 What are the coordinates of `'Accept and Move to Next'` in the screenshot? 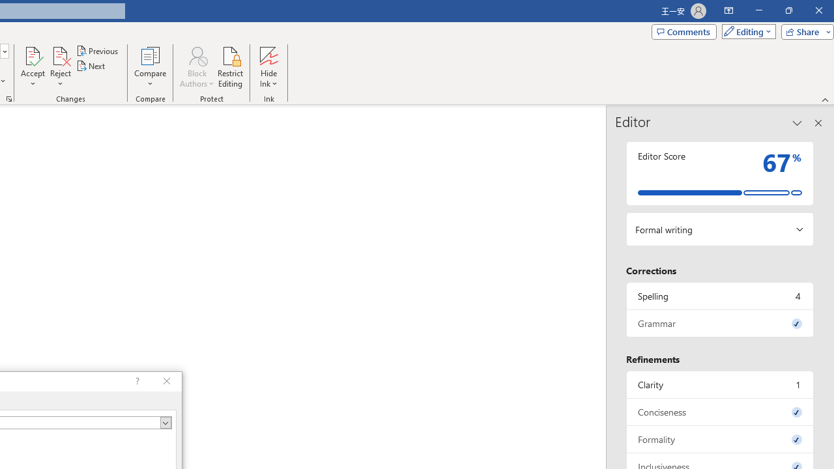 It's located at (33, 55).